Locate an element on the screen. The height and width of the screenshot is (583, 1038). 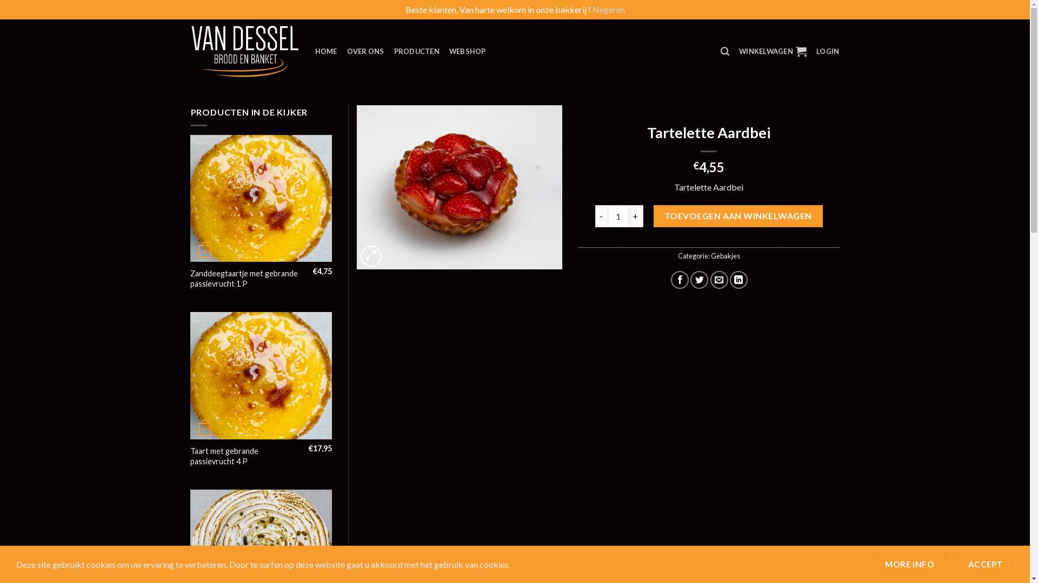
'Email to a Friend' is located at coordinates (719, 279).